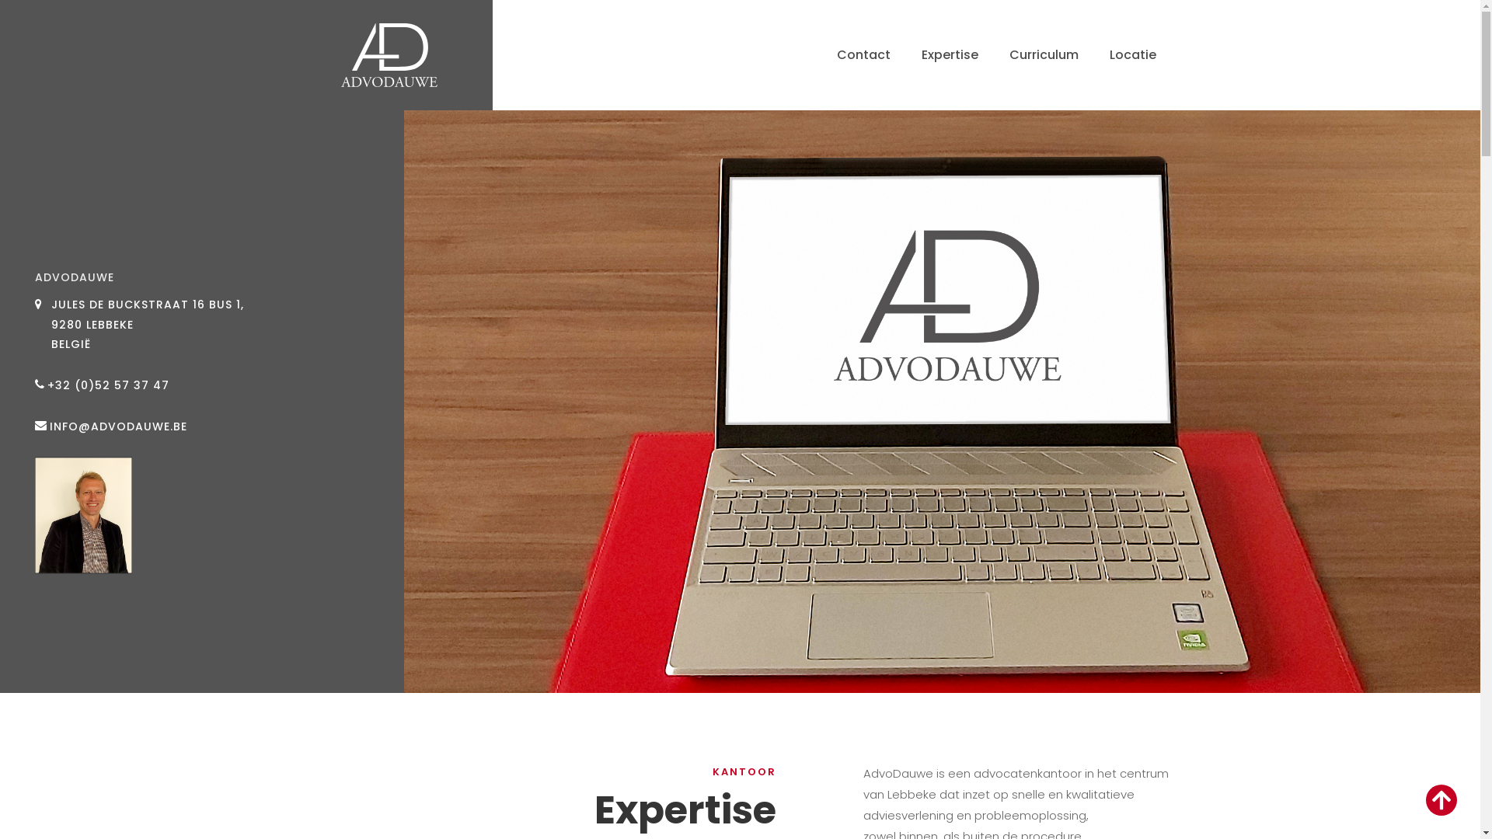 Image resolution: width=1492 pixels, height=839 pixels. What do you see at coordinates (949, 54) in the screenshot?
I see `'Expertise'` at bounding box center [949, 54].